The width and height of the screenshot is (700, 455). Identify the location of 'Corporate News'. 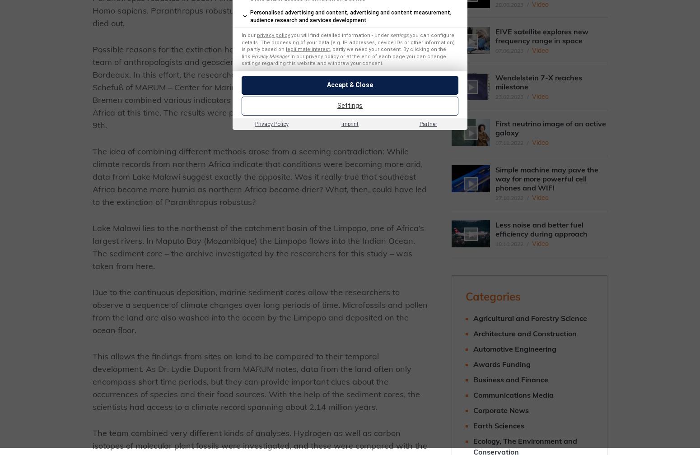
(473, 410).